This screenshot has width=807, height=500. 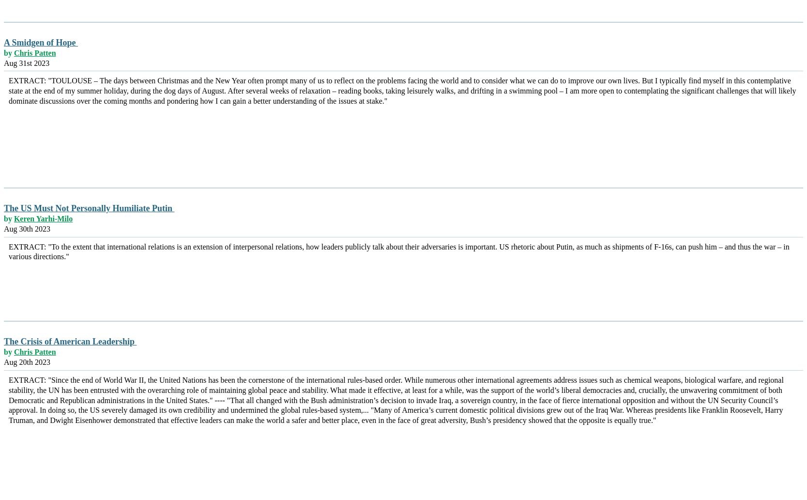 I want to click on 'EXTRACT: "To the extent that international relations is an extension of interpersonal relations, how leaders publicly talk about their adversaries is important. US rhetoric about Putin, as much as shipments of F-16s, can push him – and thus the war – in various directions."', so click(x=398, y=251).